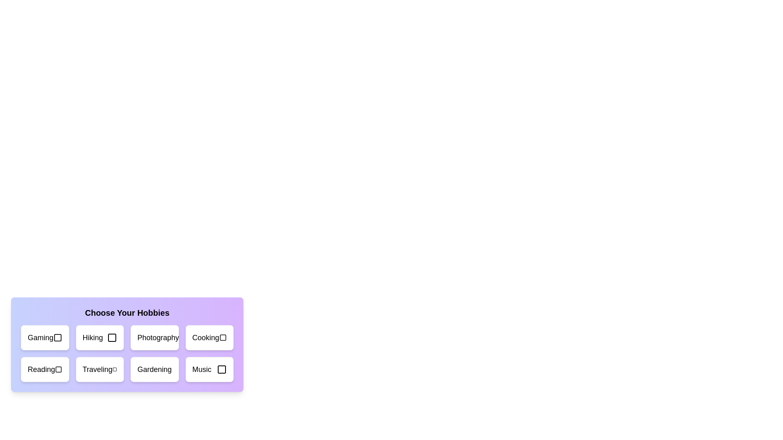 This screenshot has height=440, width=783. I want to click on the hobby card labeled Gardening, so click(155, 369).